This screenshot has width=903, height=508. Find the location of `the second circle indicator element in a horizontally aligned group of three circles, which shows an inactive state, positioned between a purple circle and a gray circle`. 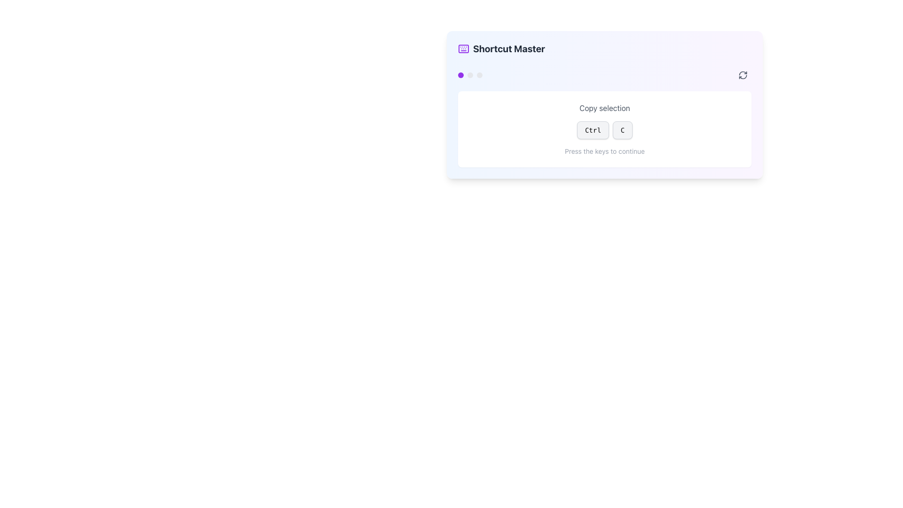

the second circle indicator element in a horizontally aligned group of three circles, which shows an inactive state, positioned between a purple circle and a gray circle is located at coordinates (470, 74).